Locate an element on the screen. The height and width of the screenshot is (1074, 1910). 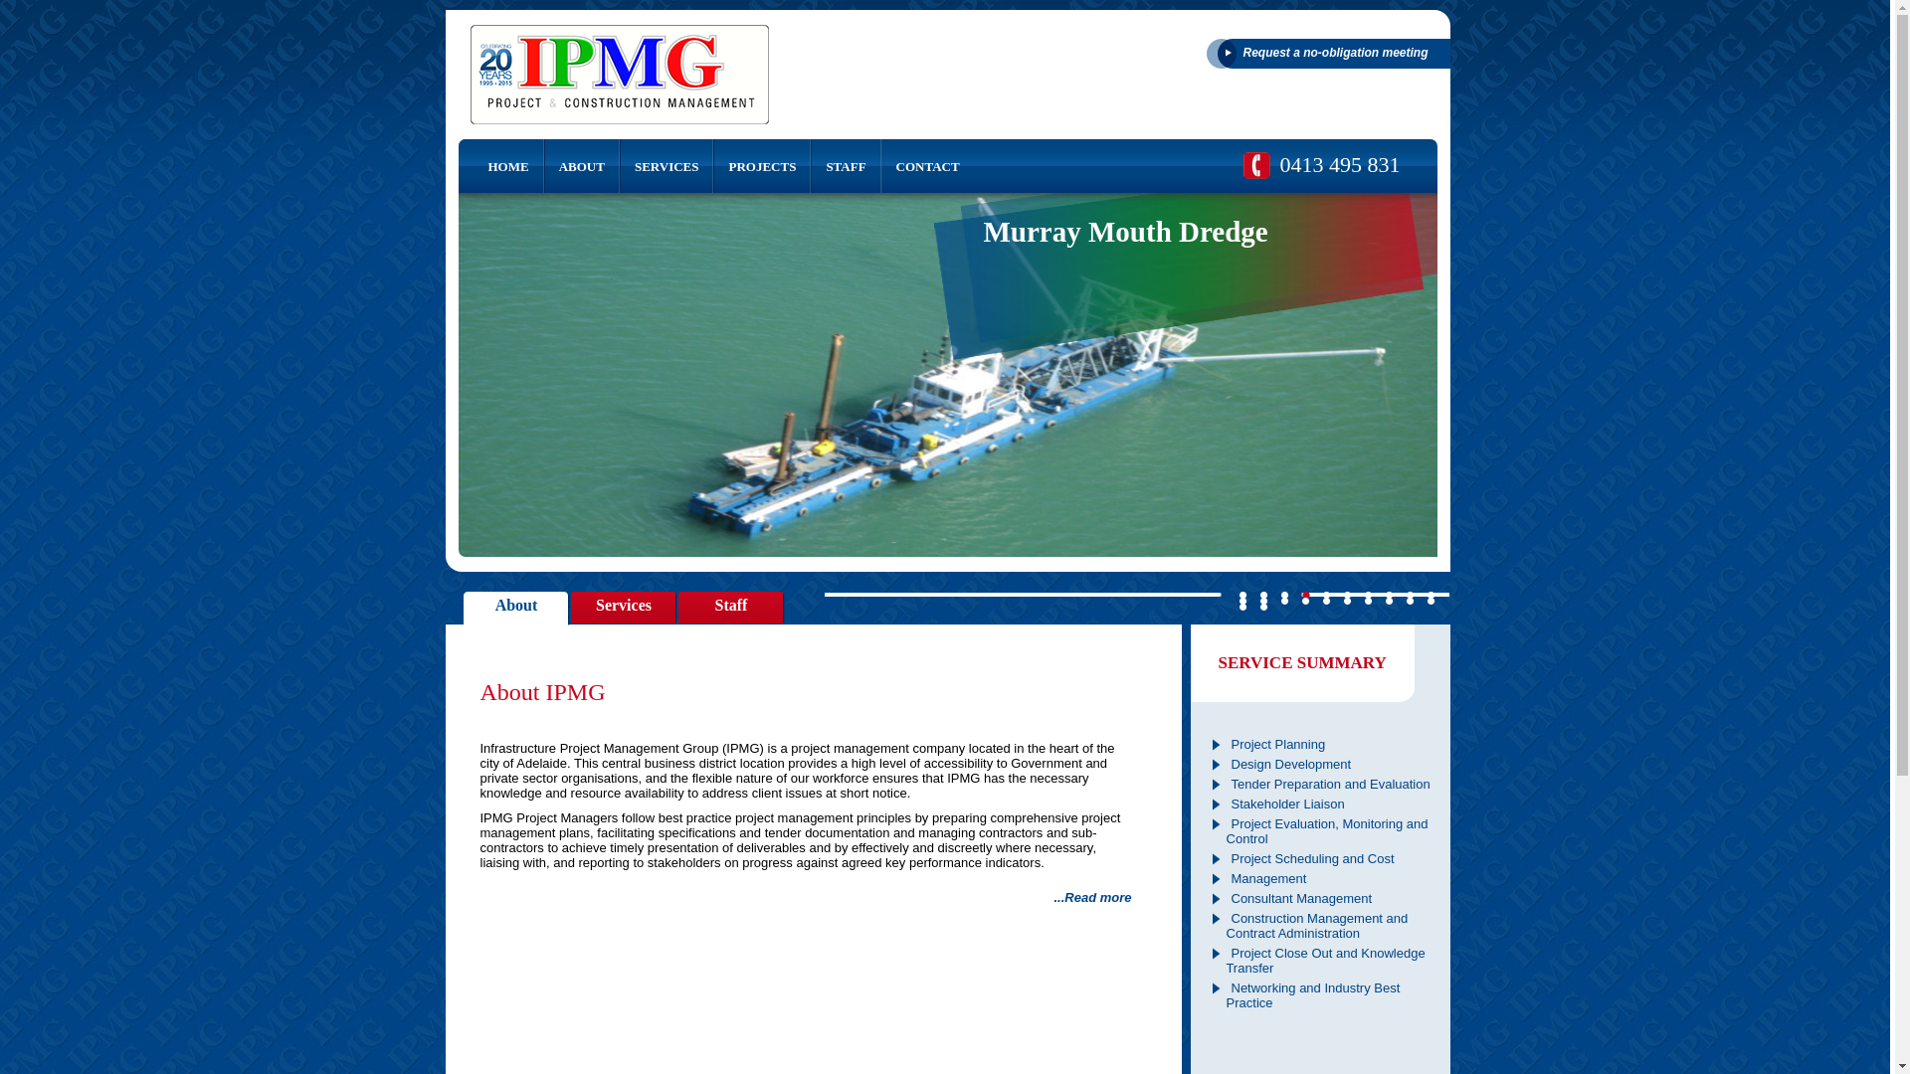
'HOME' is located at coordinates (499, 164).